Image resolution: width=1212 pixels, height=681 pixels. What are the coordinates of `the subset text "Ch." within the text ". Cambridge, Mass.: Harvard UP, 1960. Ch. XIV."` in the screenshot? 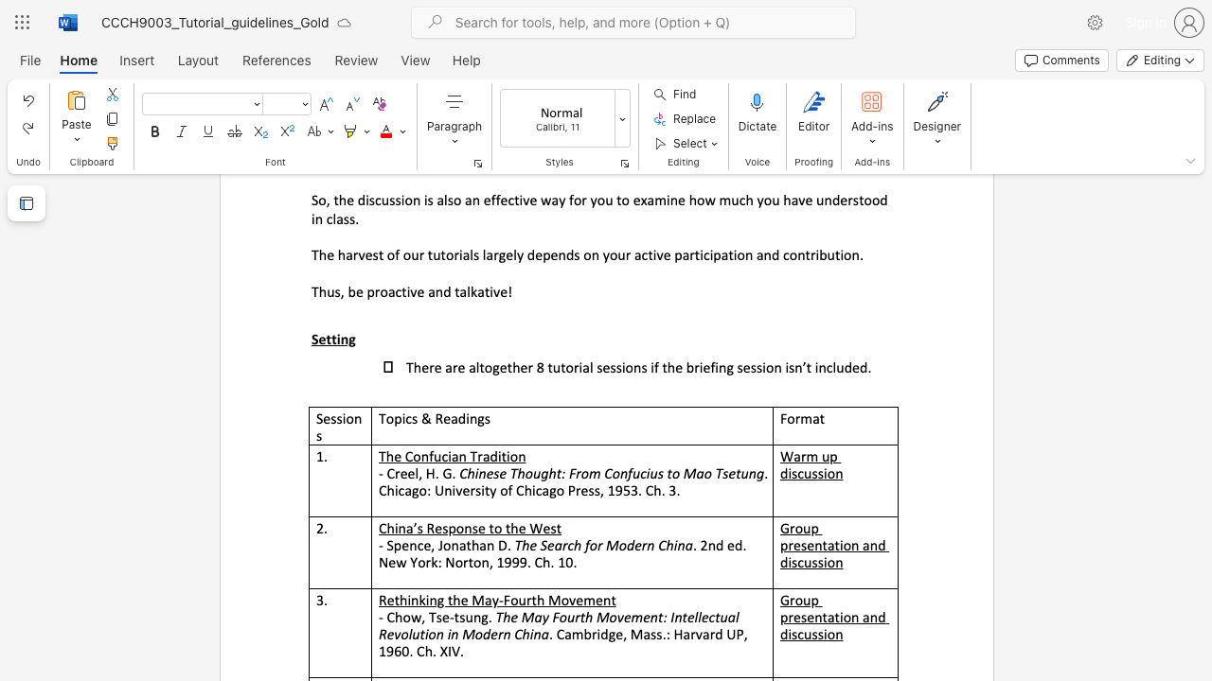 It's located at (416, 650).